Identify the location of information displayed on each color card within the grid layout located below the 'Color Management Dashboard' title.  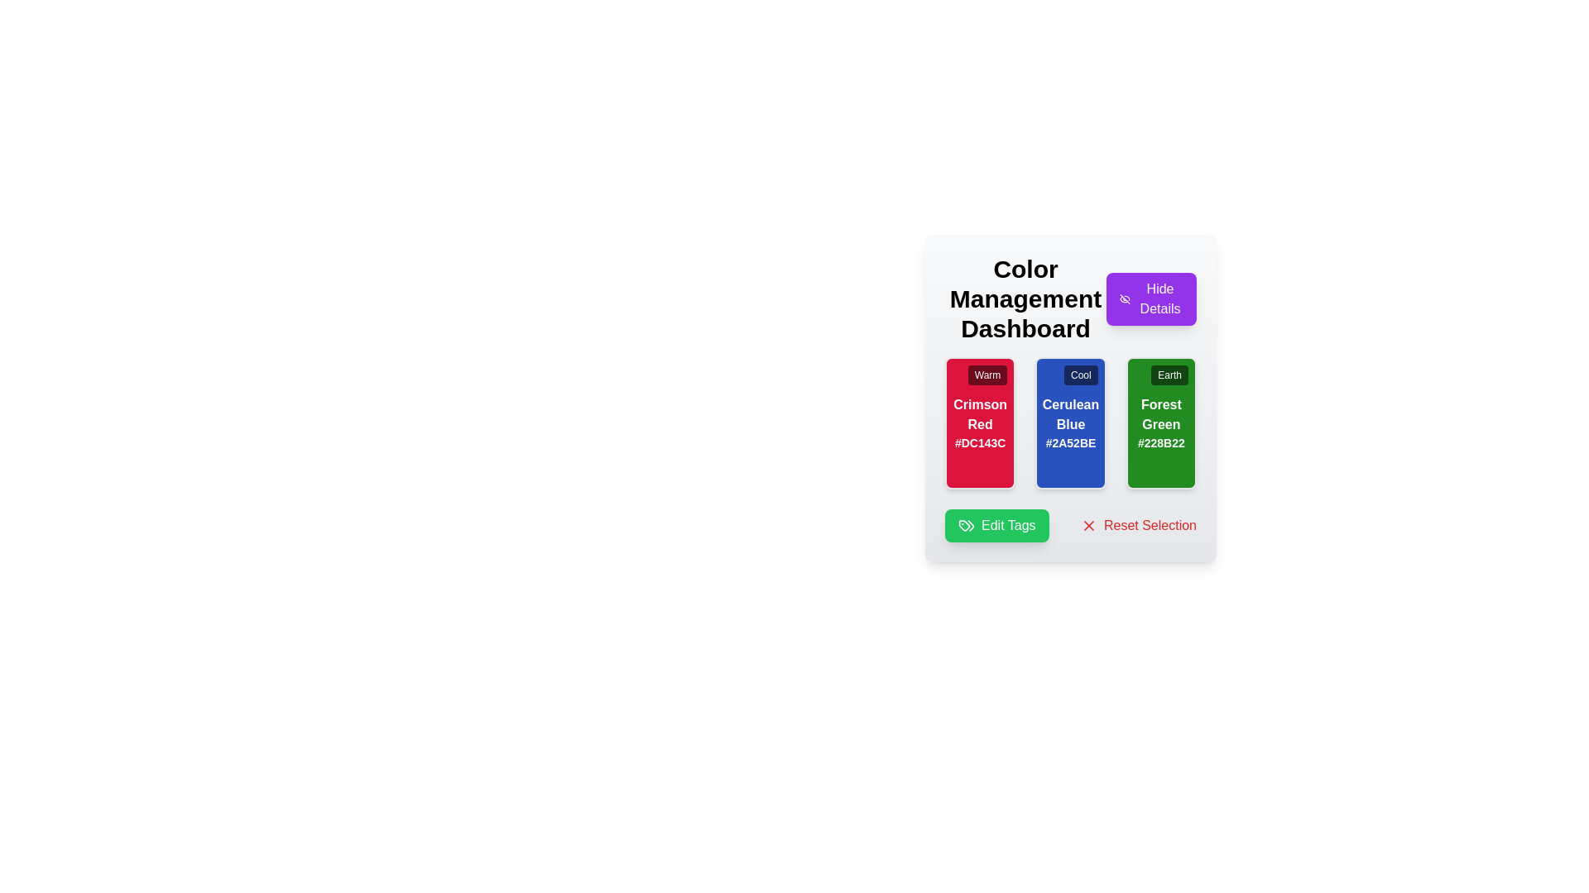
(1071, 423).